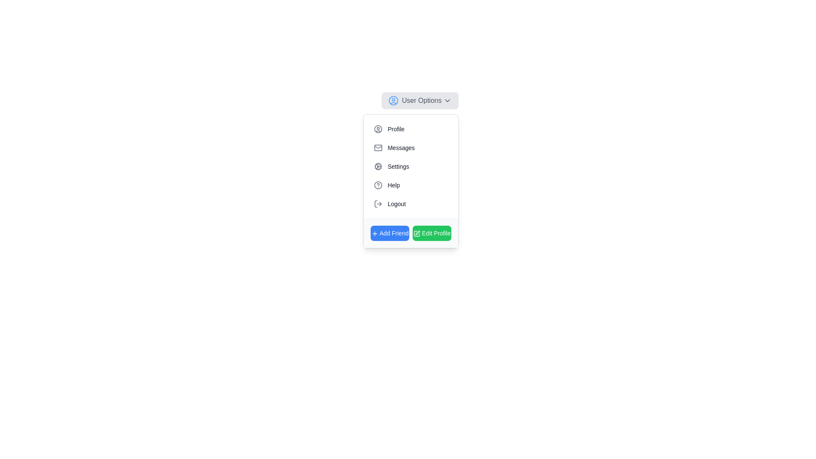  Describe the element at coordinates (447, 100) in the screenshot. I see `the chevron icon indicating the collapsible or expandable menu associated with 'User Options'` at that location.